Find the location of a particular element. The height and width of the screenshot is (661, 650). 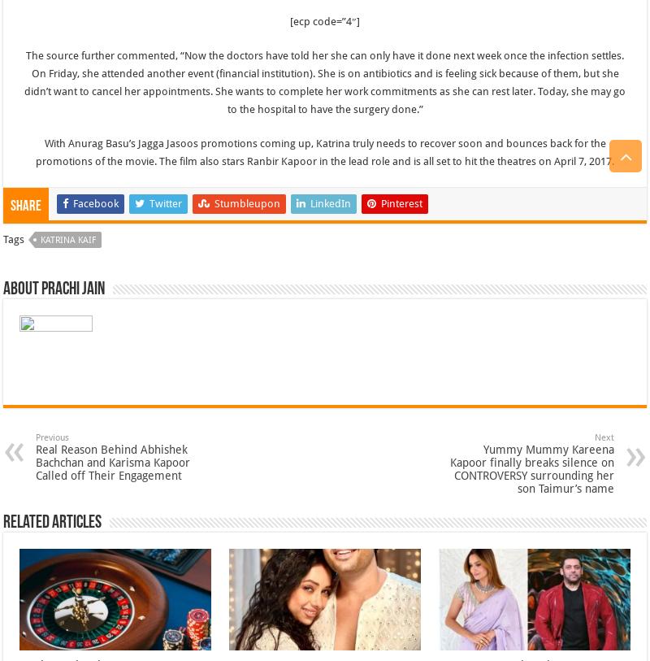

'The source further commented, “Now the doctors have told her she can only have it done next week once the infection settles. On Friday, she attended another event (financial institution). She is on antibiotics and is feeling sick because of them, but she didn’t want to cancel her appointments. She wants to complete her work commitments as she can rest later. Today, she may go to the hospital to have the surgery done.”' is located at coordinates (325, 80).